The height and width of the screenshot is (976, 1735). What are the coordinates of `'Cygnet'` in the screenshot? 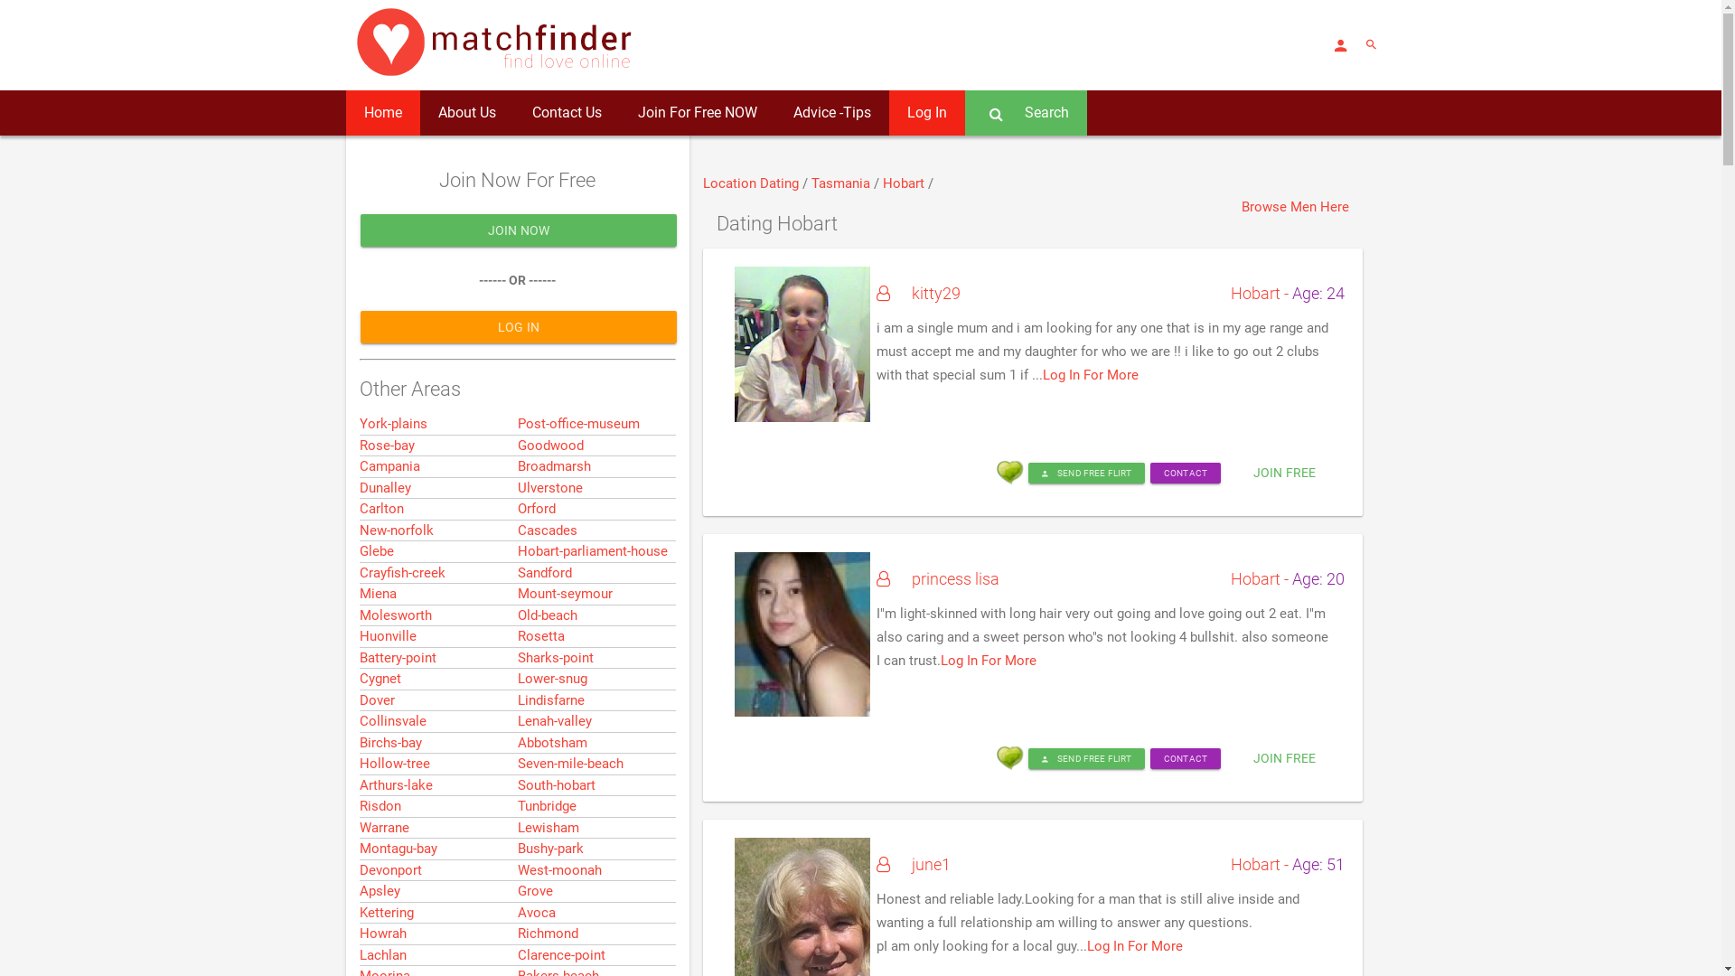 It's located at (360, 679).